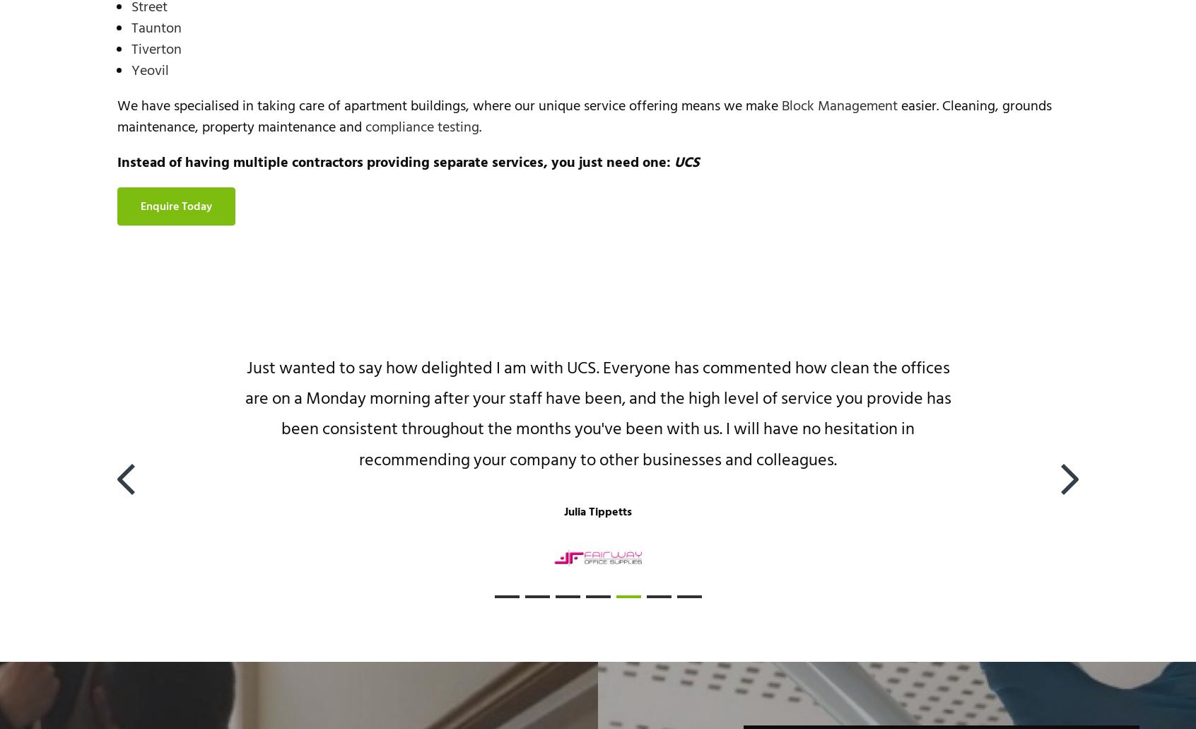 The width and height of the screenshot is (1196, 729). Describe the element at coordinates (396, 163) in the screenshot. I see `'Instead of having multiple contractors providing separate services, you just need one:'` at that location.